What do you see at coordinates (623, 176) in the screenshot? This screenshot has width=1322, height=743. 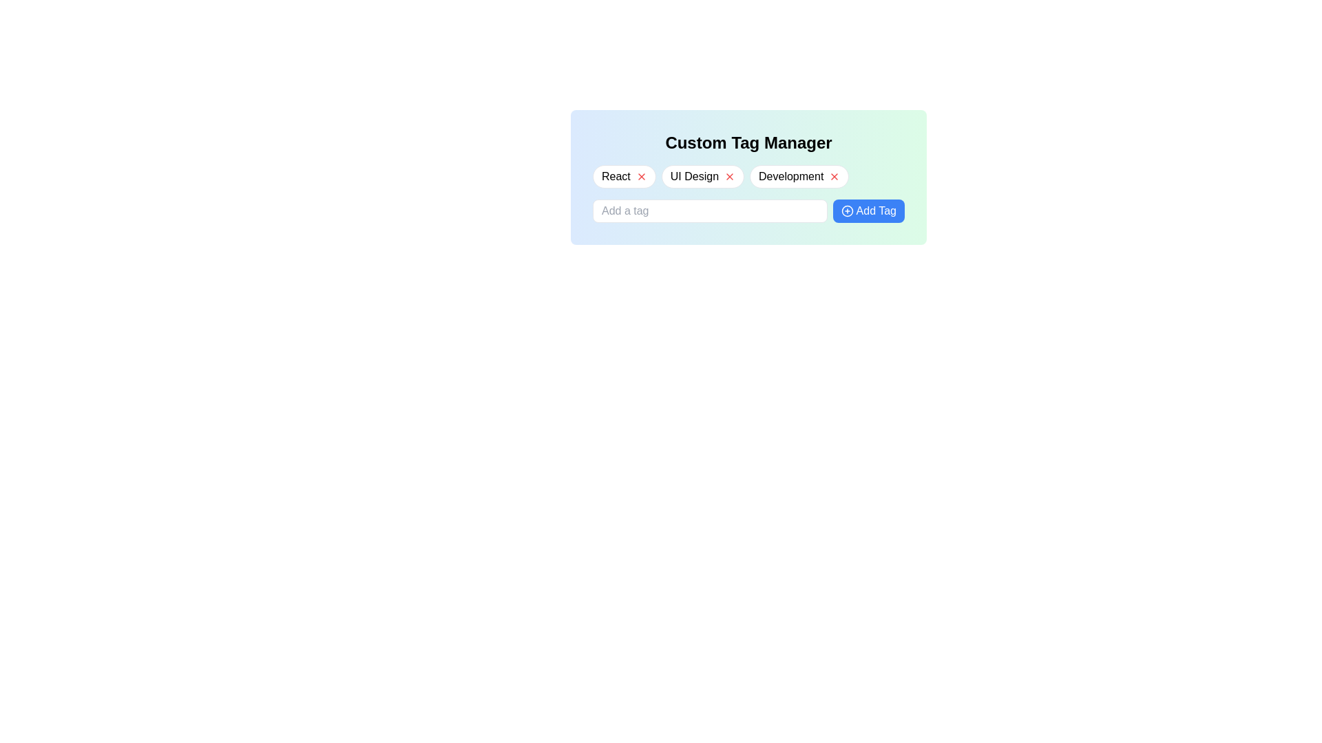 I see `the leftmost tag labeled 'React' in the 'Custom Tag Manager' section` at bounding box center [623, 176].